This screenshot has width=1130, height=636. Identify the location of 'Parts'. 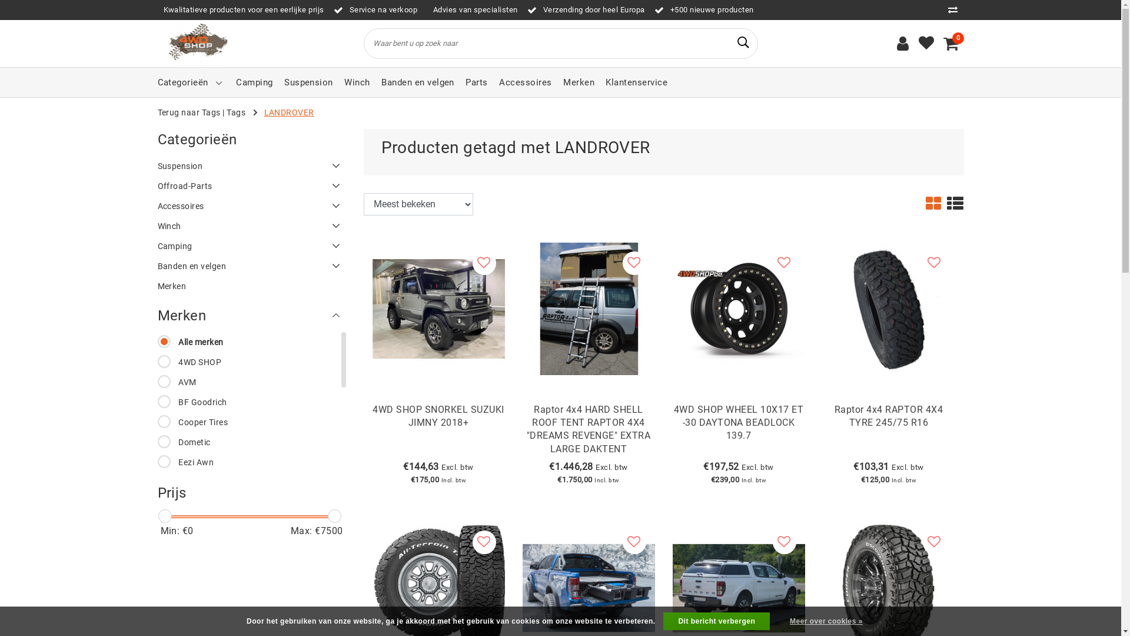
(476, 81).